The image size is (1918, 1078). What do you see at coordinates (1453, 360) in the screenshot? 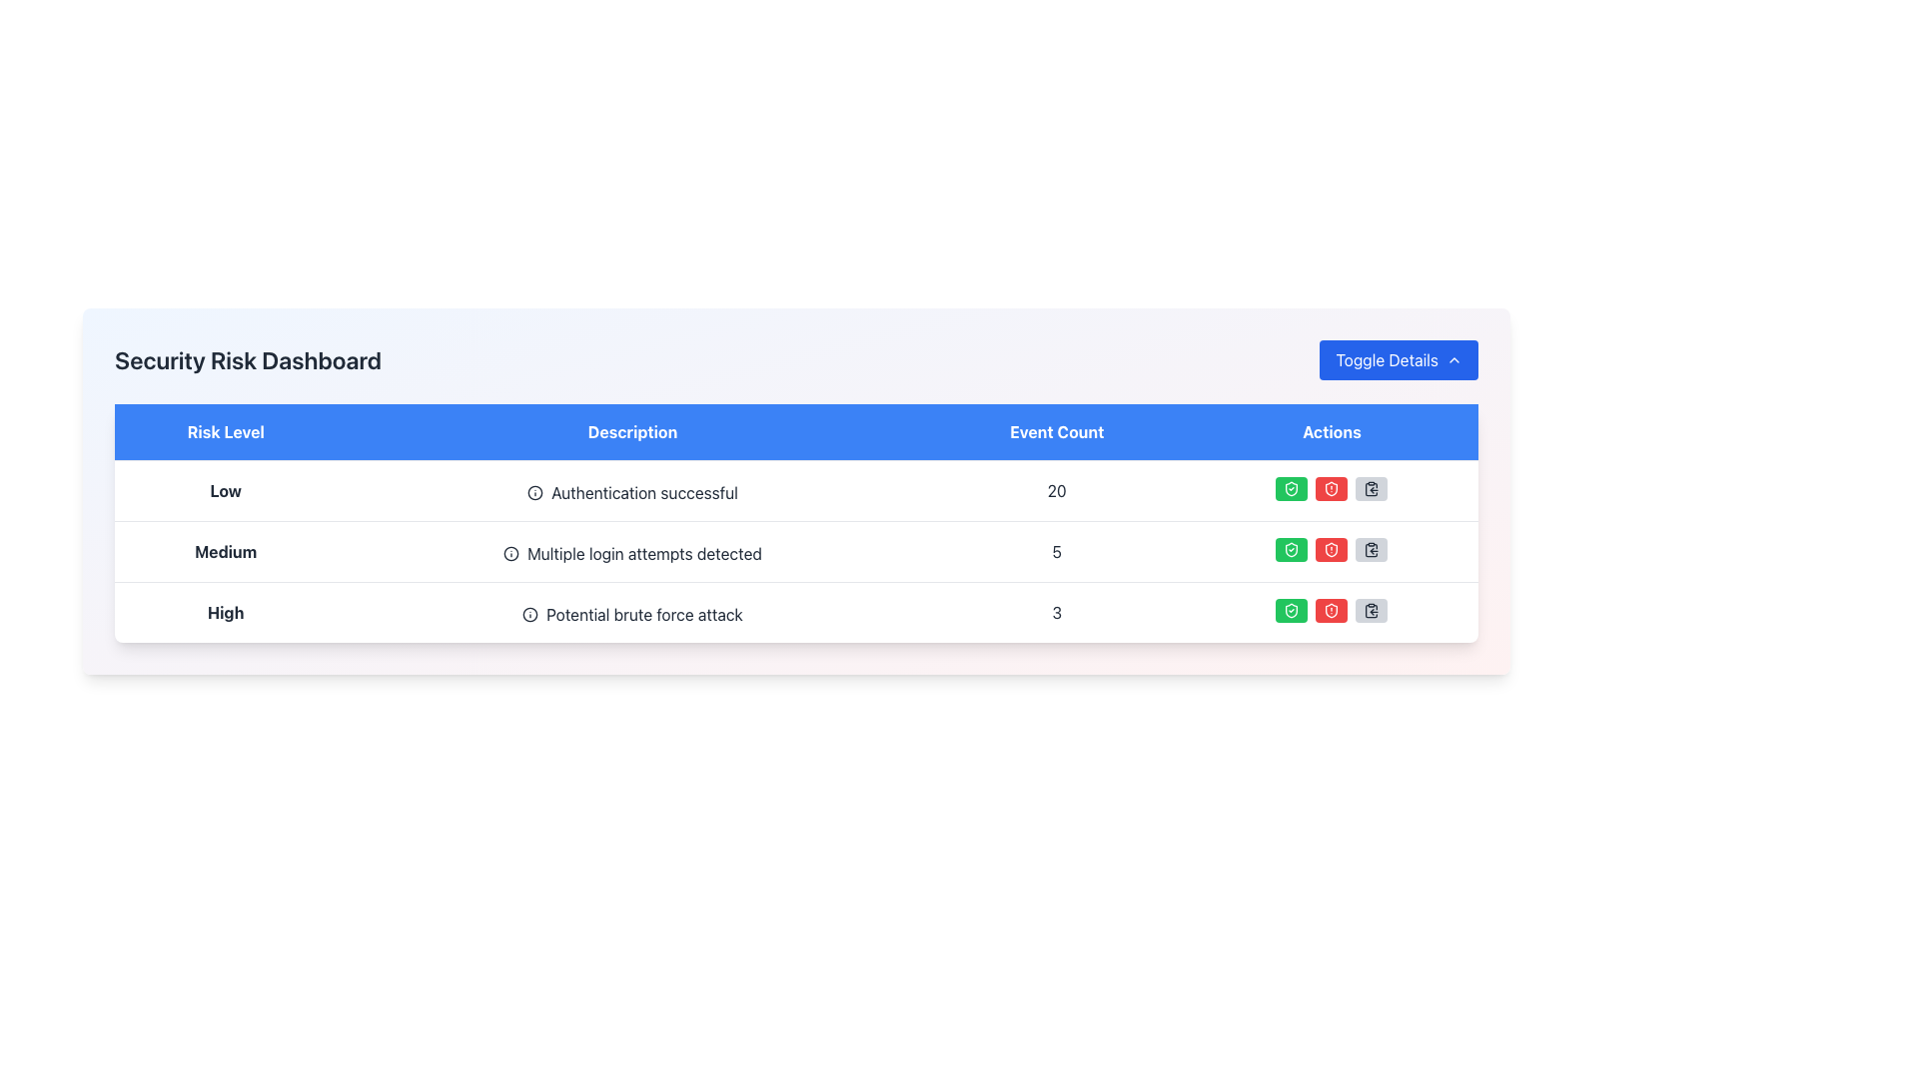
I see `the small upward-pointing chevron icon next to the 'Toggle Details' text in the interface header` at bounding box center [1453, 360].